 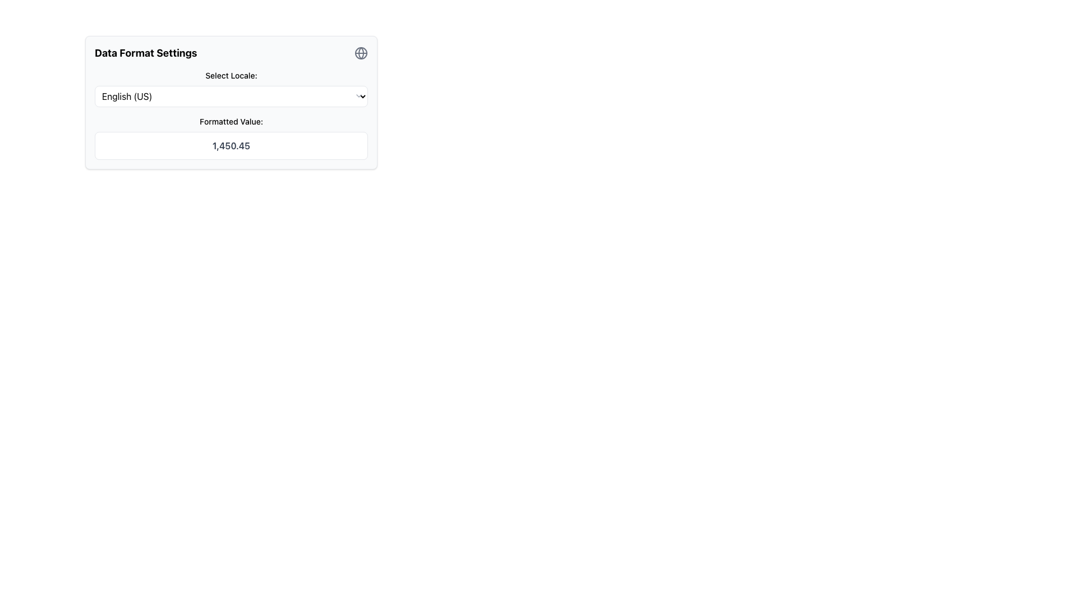 What do you see at coordinates (231, 145) in the screenshot?
I see `the Static Text Field displaying '1,450.45' which is styled with a white background and dark gray bold text, located below the label 'Formatted Value:'` at bounding box center [231, 145].